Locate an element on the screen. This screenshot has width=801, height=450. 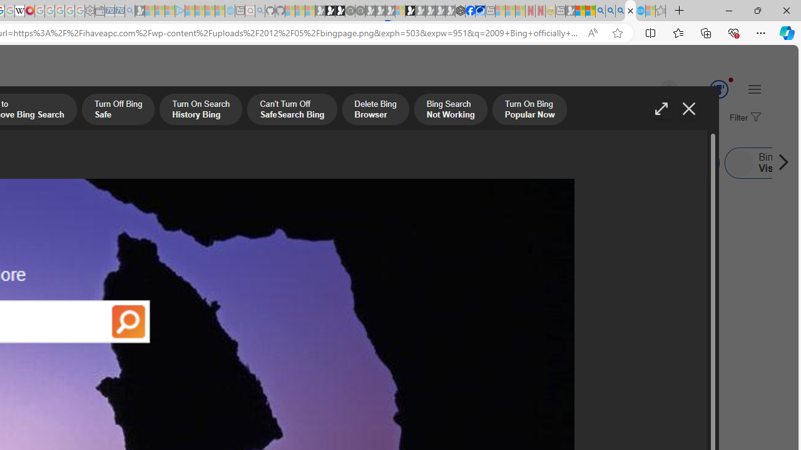
'Home | Sky Blue Bikes - Sky Blue Bikes - Sleeping' is located at coordinates (230, 11).